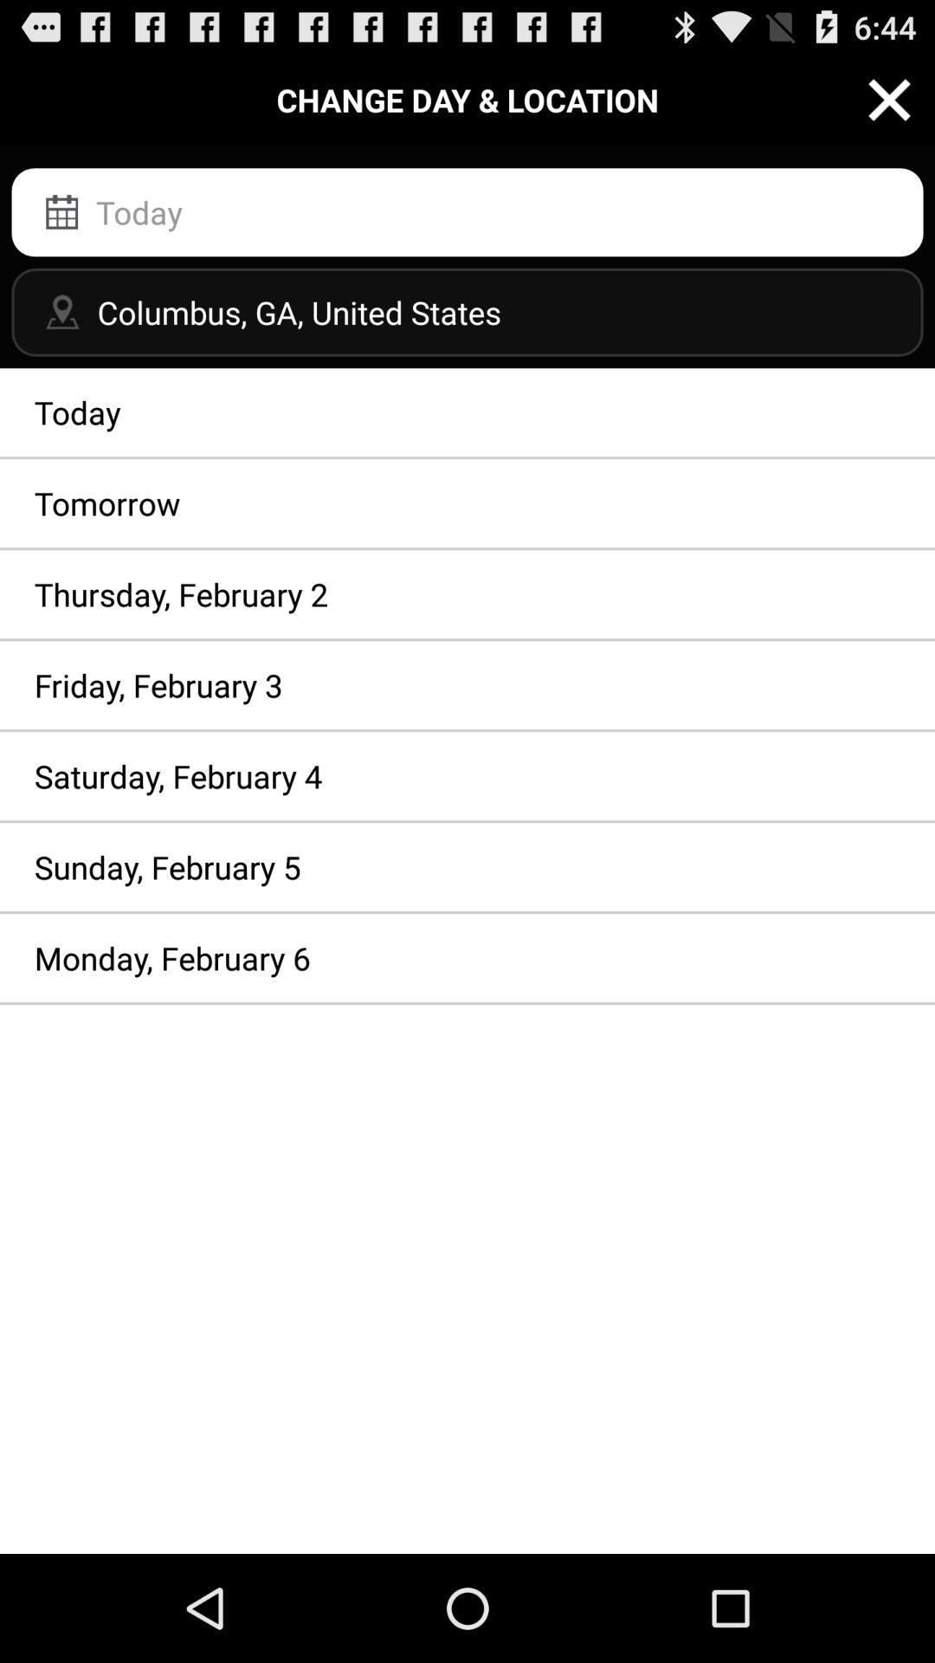 The width and height of the screenshot is (935, 1663). I want to click on the app above the tomorrow, so click(467, 411).